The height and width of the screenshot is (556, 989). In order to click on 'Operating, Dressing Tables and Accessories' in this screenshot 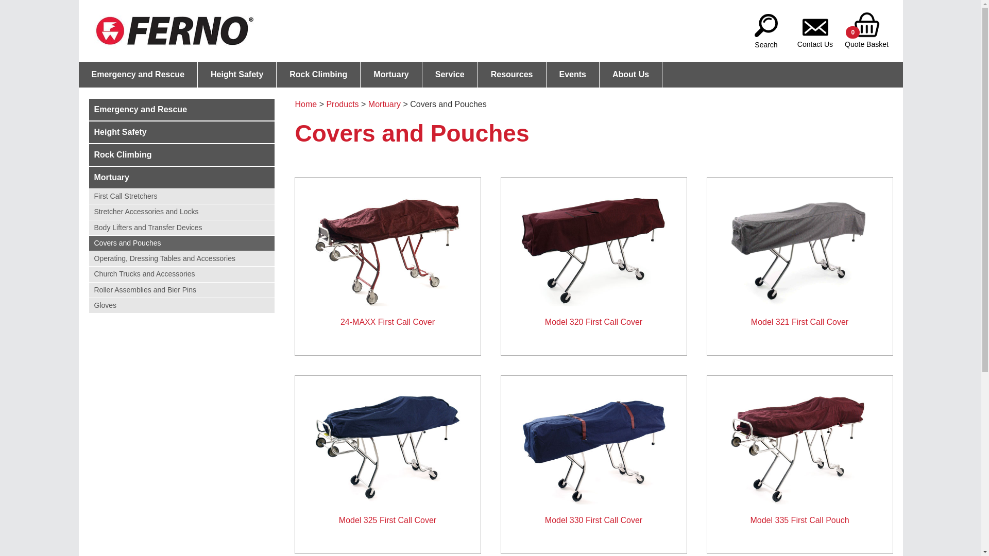, I will do `click(181, 258)`.